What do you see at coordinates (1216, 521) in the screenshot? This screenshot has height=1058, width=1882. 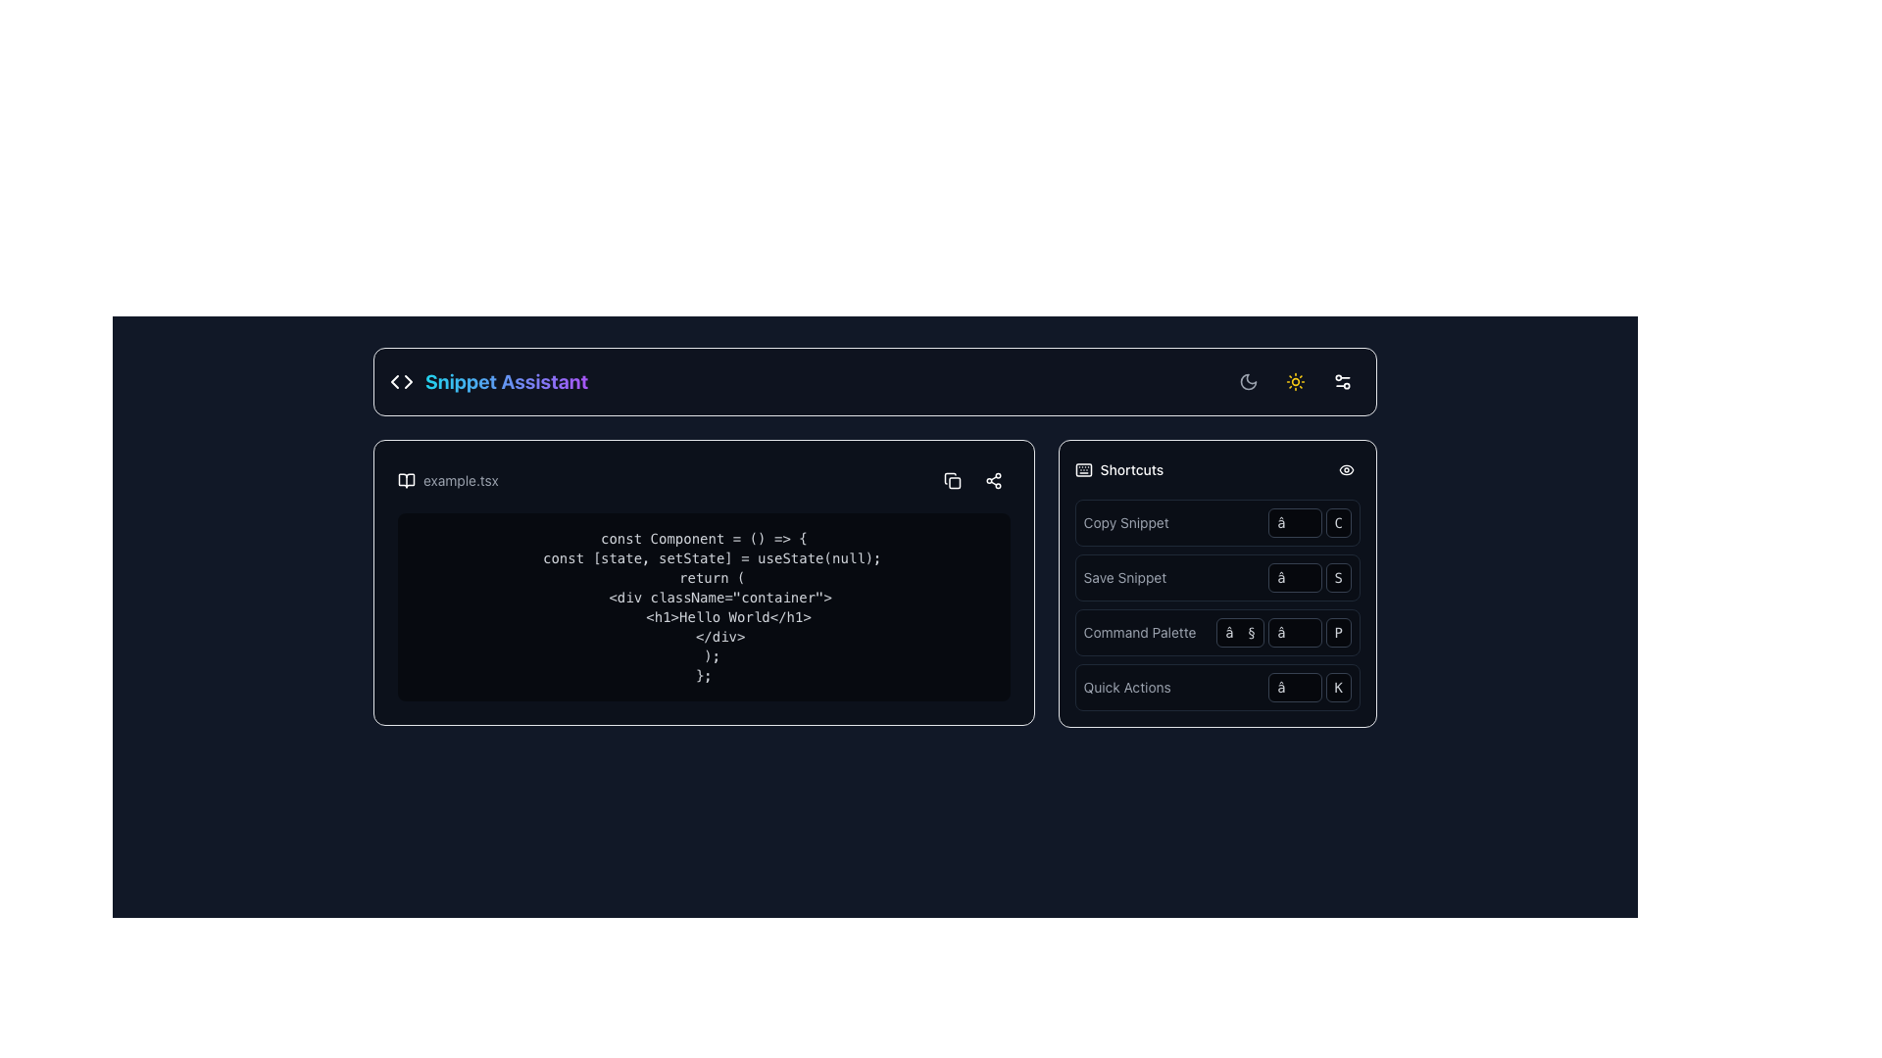 I see `the first shortcut button in the right-hand panel that displays a code snippet and its associated keyboard shortcut` at bounding box center [1216, 521].